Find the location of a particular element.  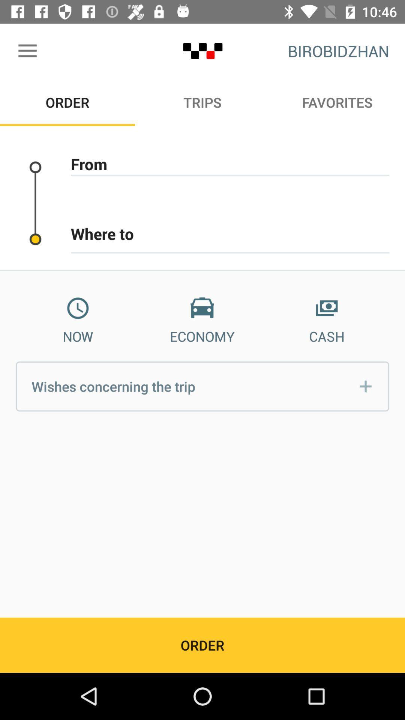

the icon above the text economy is located at coordinates (202, 308).